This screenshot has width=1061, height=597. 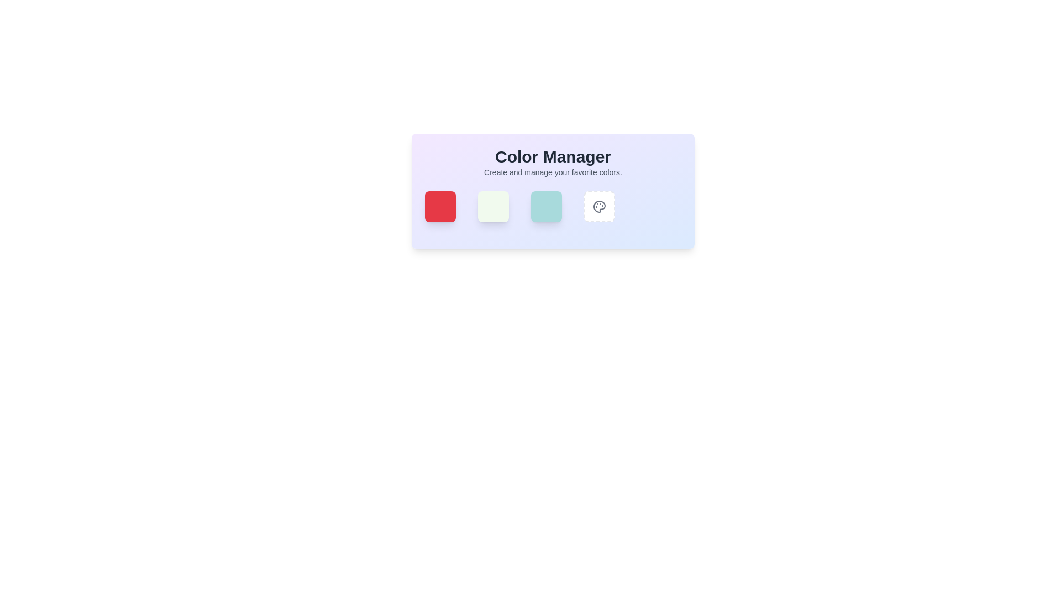 What do you see at coordinates (546, 207) in the screenshot?
I see `the selectable light blue color tile, which is the third item in a grid of five items` at bounding box center [546, 207].